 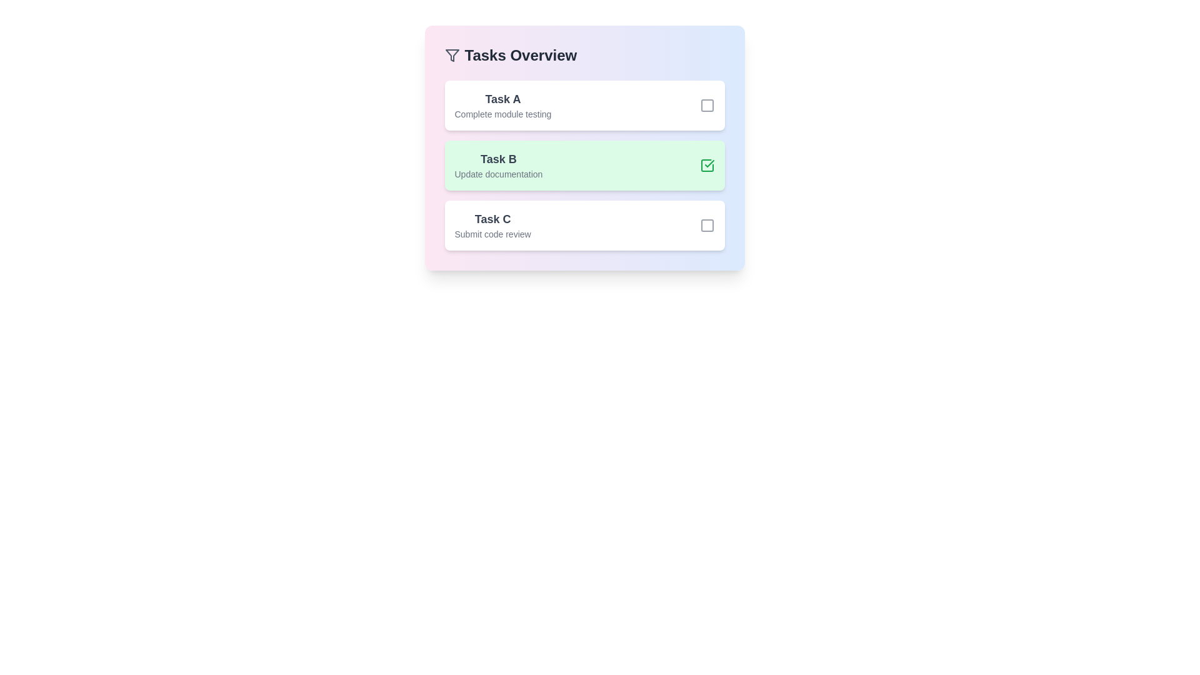 What do you see at coordinates (451, 54) in the screenshot?
I see `the filter icon to explore filtering options` at bounding box center [451, 54].